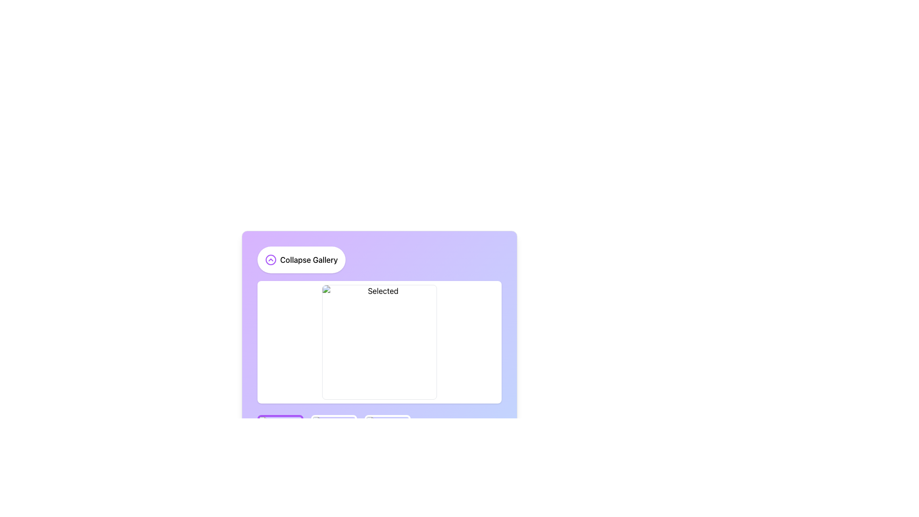 Image resolution: width=919 pixels, height=517 pixels. What do you see at coordinates (270, 260) in the screenshot?
I see `the circular icon button with a white outlined chevron pointing upwards, which is part of the 'Collapse Gallery' button located at the top-left corner of the light purple panel` at bounding box center [270, 260].